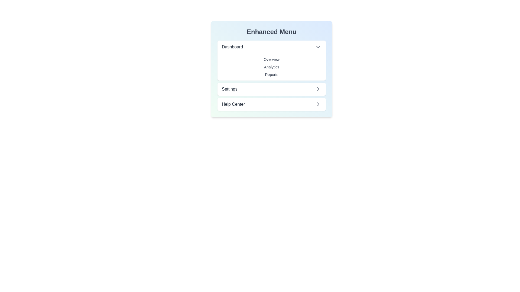  Describe the element at coordinates (272, 67) in the screenshot. I see `the 'Analytics' text label in the dropdown menu` at that location.